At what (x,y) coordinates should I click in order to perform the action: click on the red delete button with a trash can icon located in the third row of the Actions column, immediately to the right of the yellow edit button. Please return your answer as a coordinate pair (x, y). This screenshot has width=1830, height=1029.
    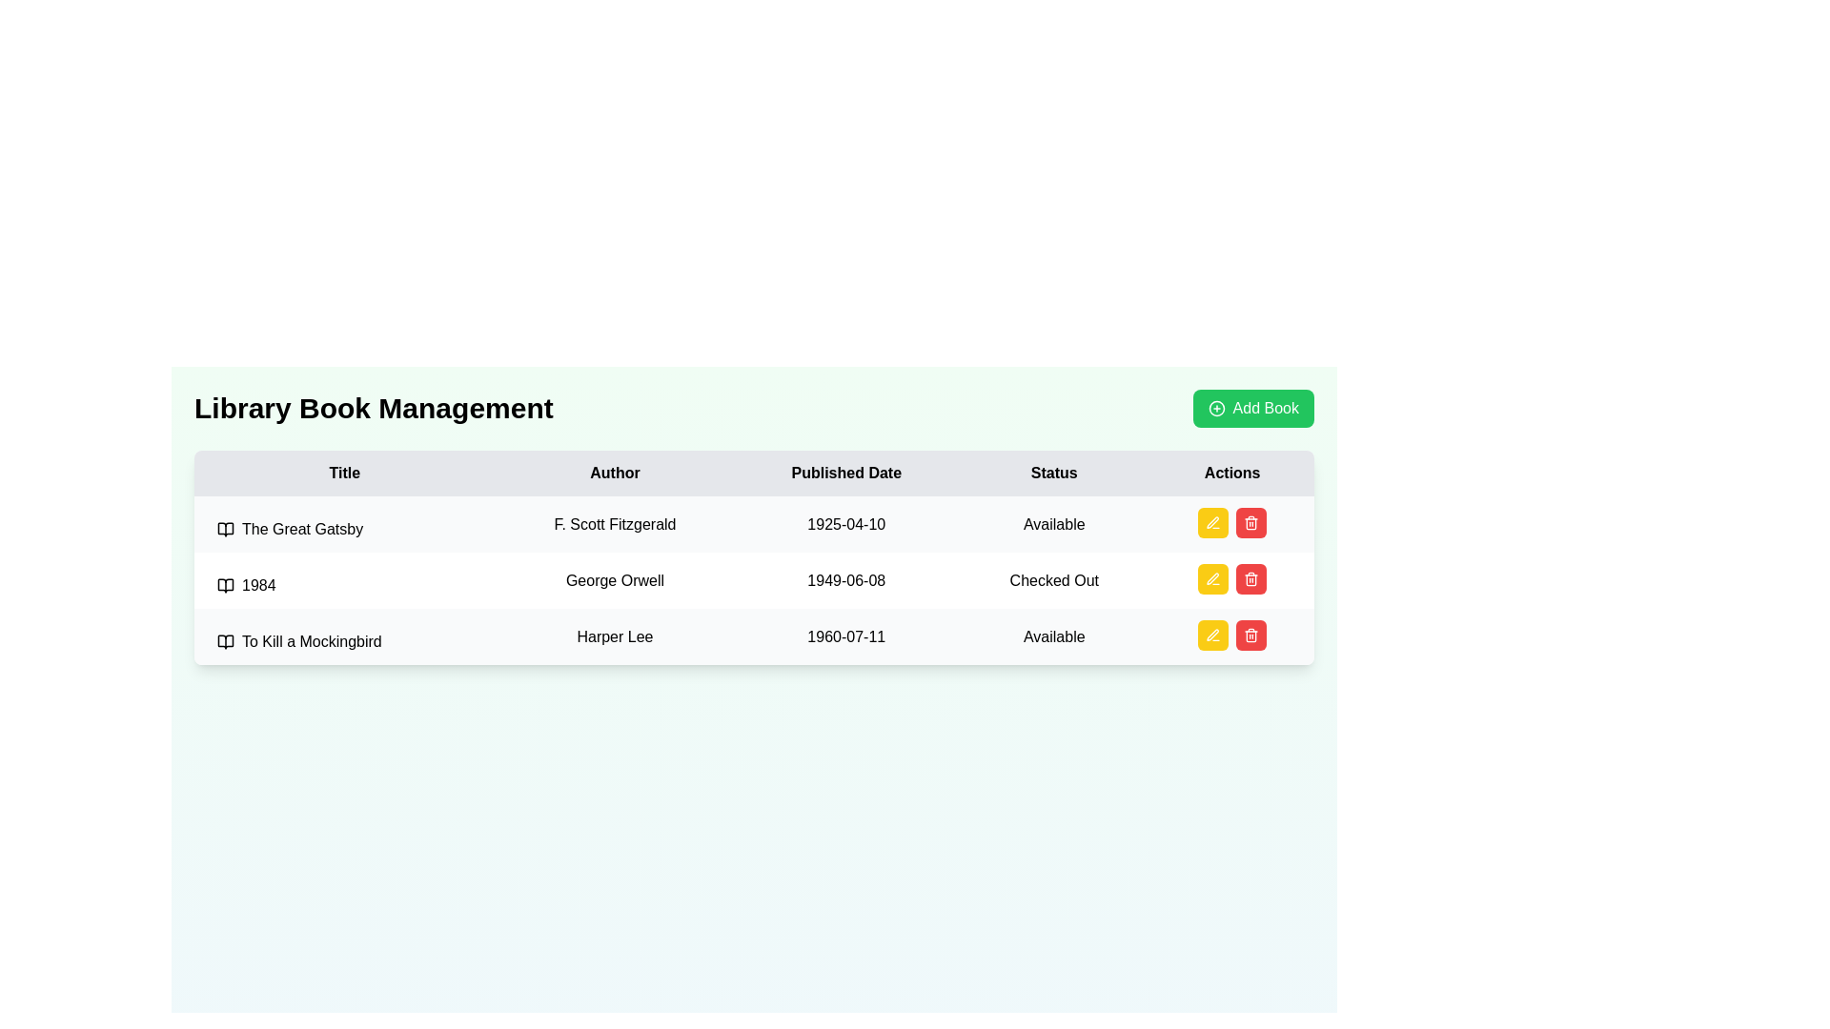
    Looking at the image, I should click on (1251, 522).